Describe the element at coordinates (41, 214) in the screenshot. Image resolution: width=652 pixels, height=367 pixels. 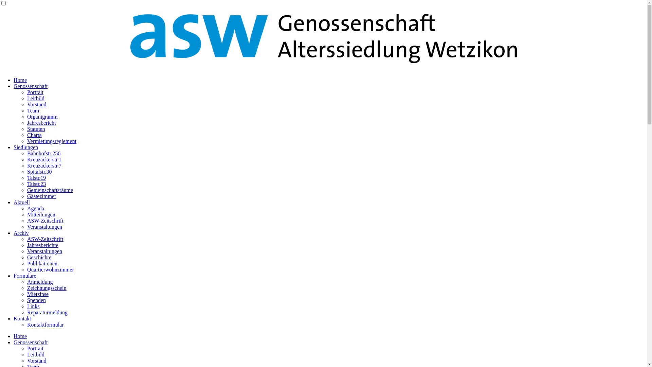
I see `'Mitteilungen'` at that location.